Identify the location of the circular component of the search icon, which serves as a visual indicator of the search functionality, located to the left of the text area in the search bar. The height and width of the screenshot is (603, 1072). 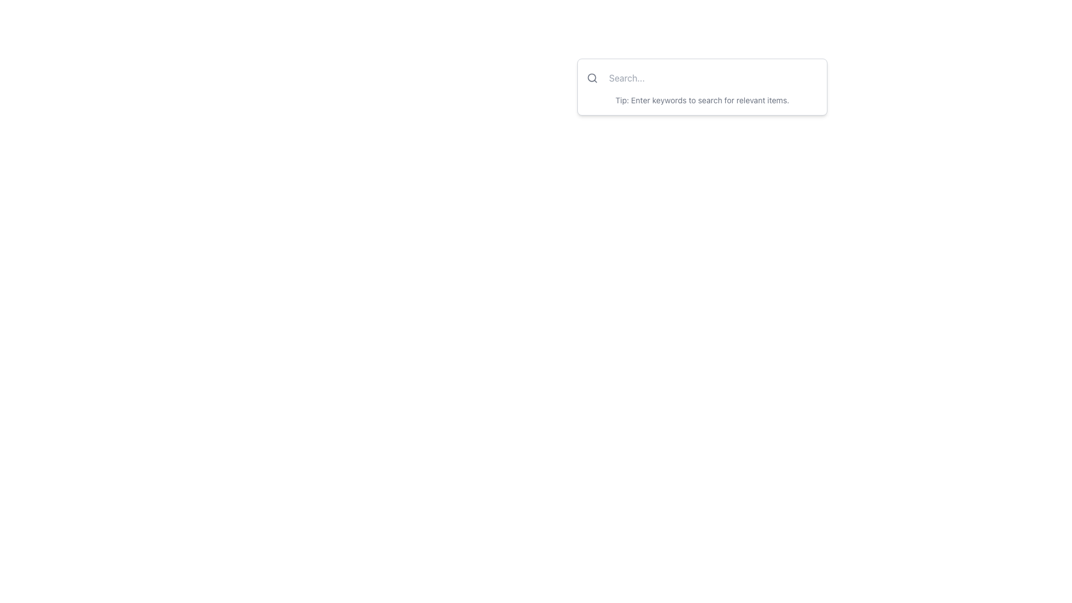
(591, 77).